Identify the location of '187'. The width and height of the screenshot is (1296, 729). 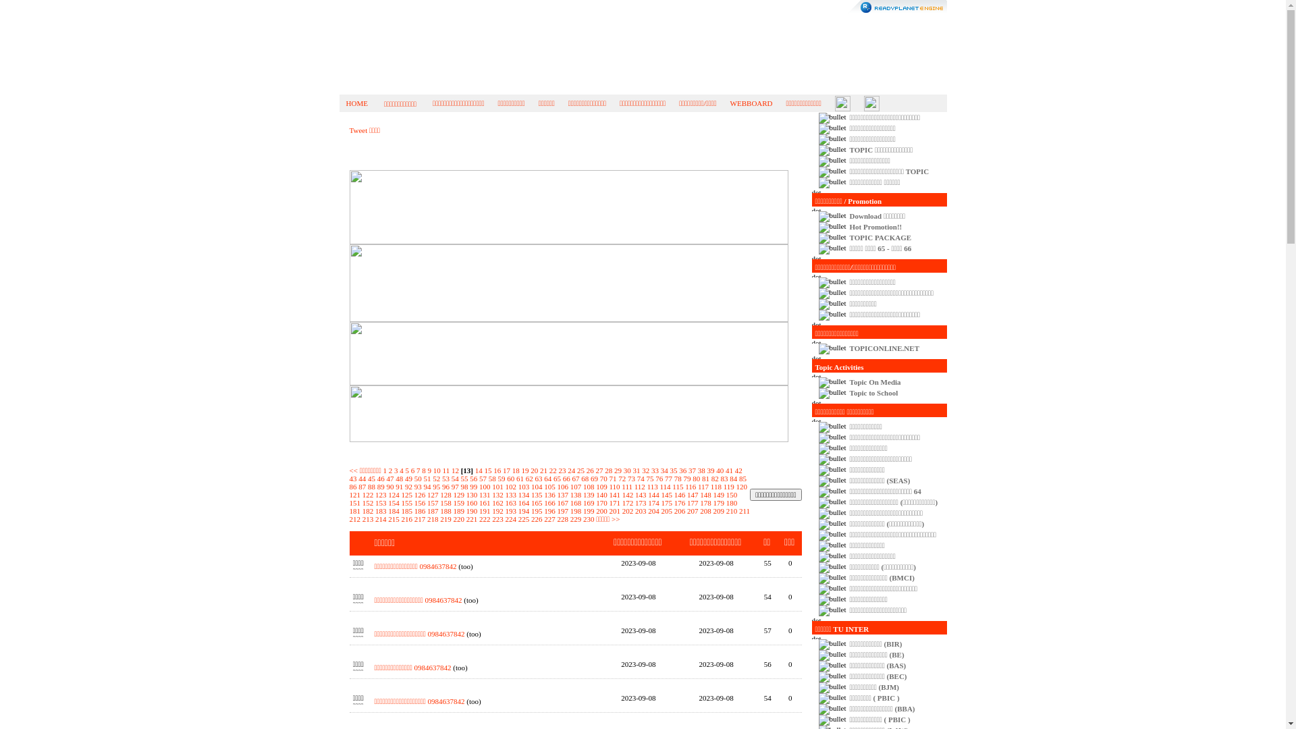
(433, 510).